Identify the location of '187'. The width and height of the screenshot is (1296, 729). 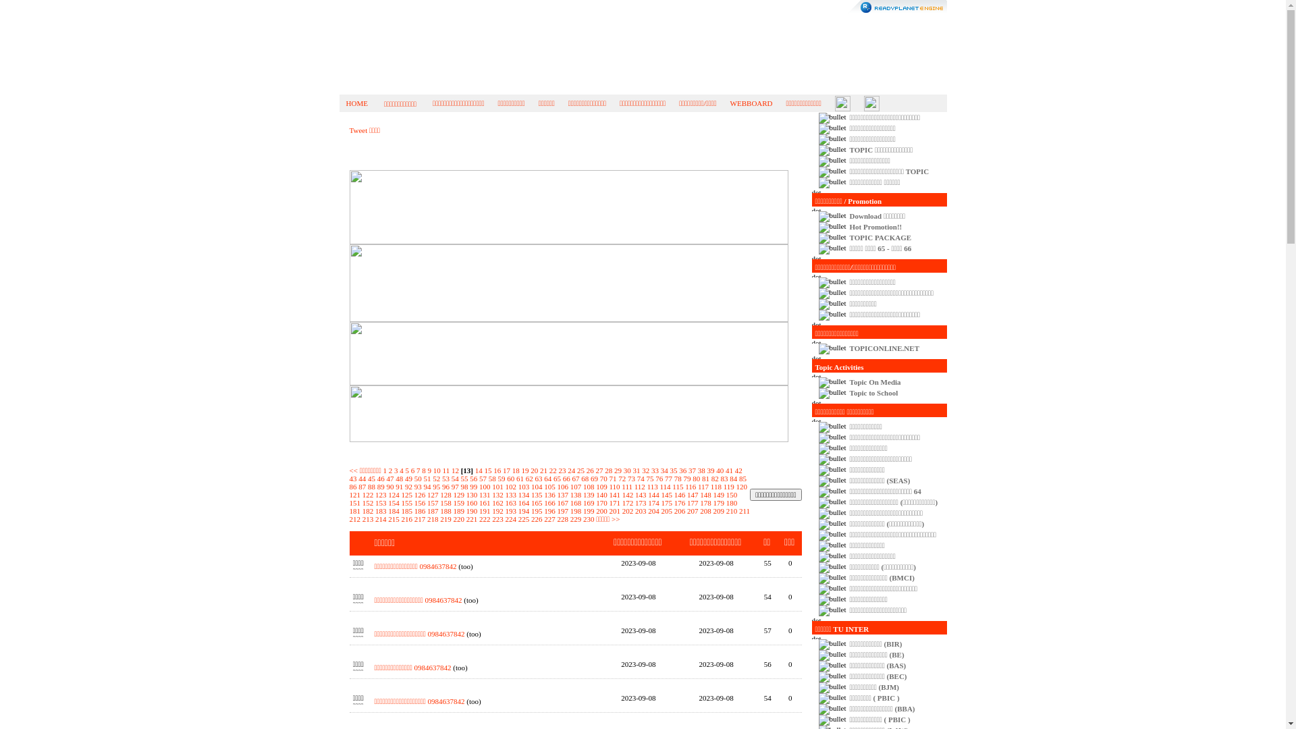
(433, 510).